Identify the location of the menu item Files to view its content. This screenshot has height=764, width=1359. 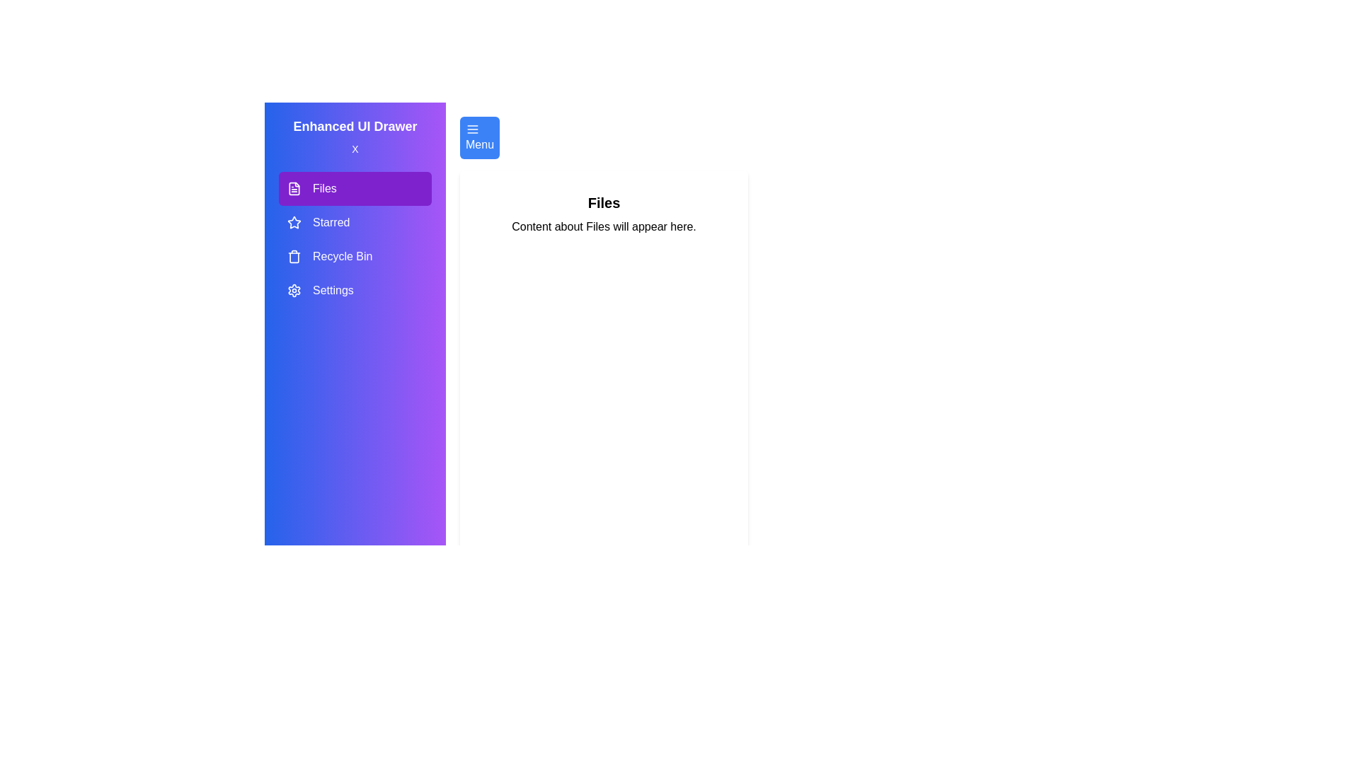
(355, 187).